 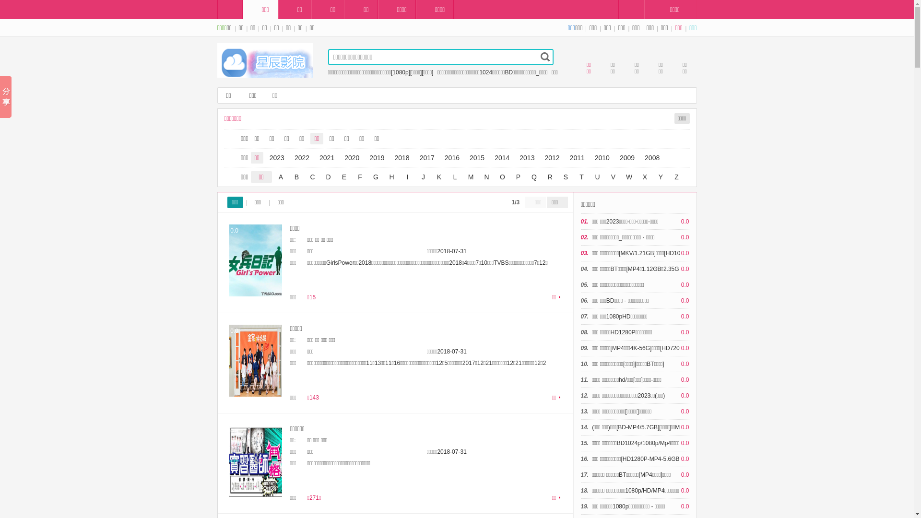 What do you see at coordinates (416, 177) in the screenshot?
I see `'J'` at bounding box center [416, 177].